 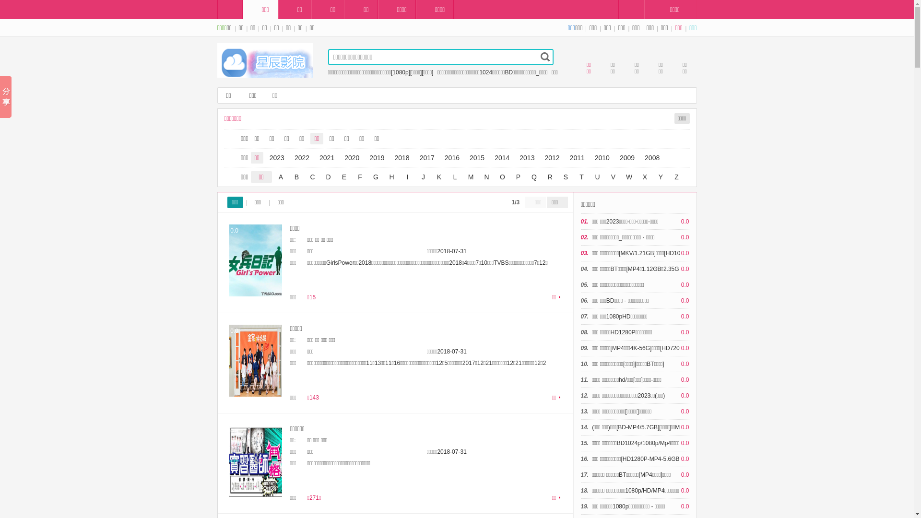 What do you see at coordinates (416, 177) in the screenshot?
I see `'J'` at bounding box center [416, 177].